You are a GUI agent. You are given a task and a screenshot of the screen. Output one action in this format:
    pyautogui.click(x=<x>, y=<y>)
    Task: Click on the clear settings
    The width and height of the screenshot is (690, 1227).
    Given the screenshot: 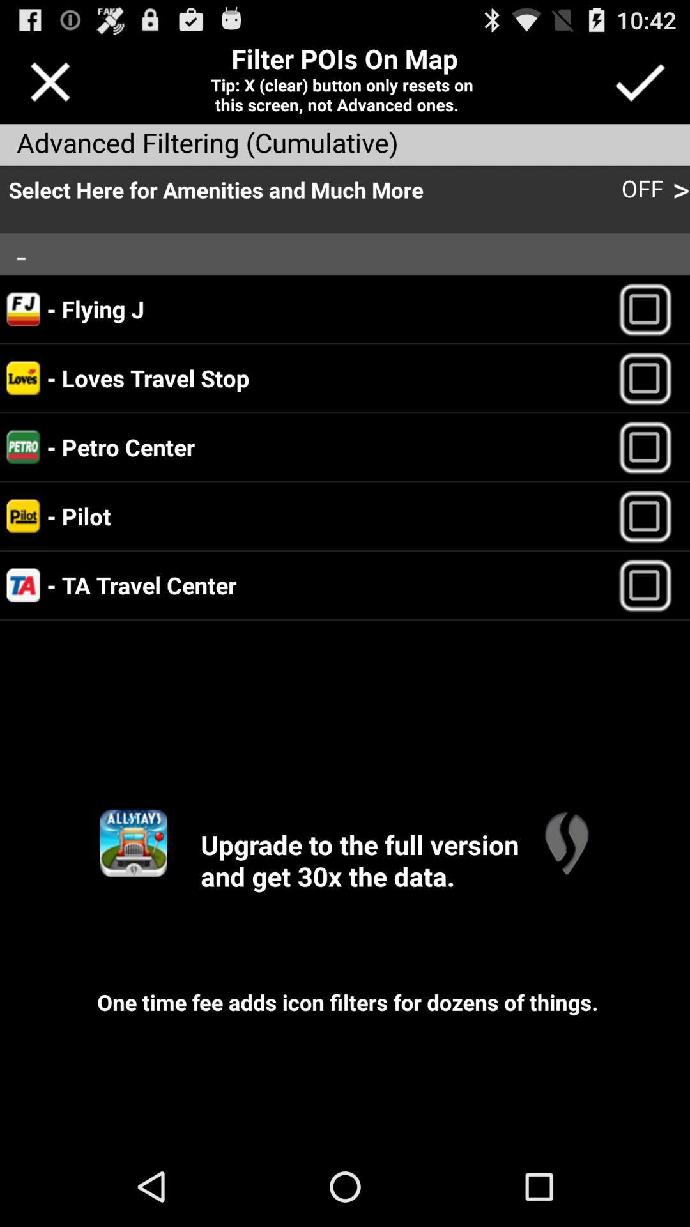 What is the action you would take?
    pyautogui.click(x=49, y=81)
    